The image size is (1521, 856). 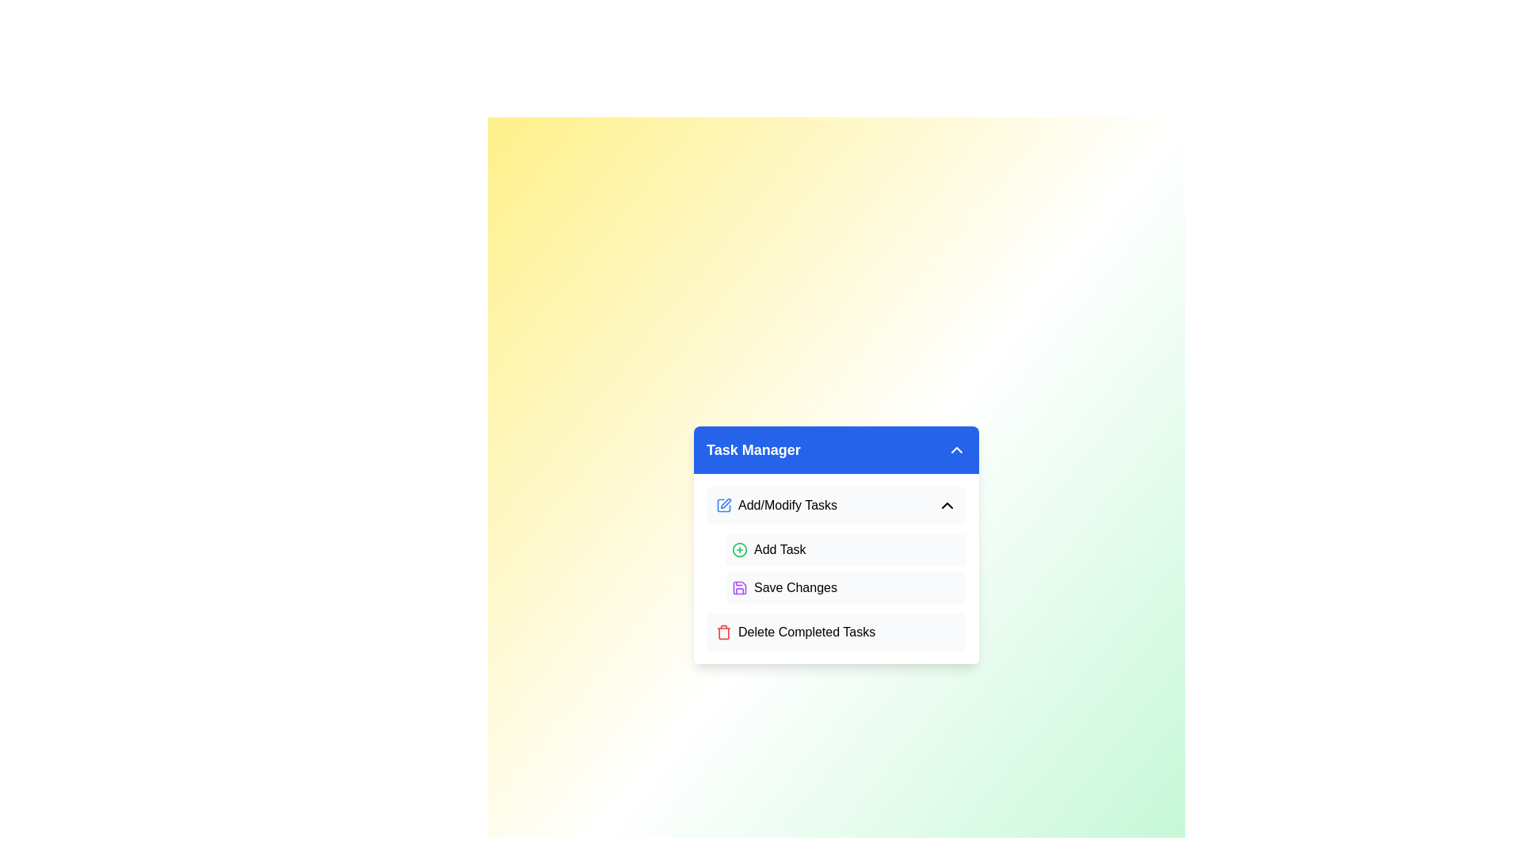 I want to click on the arrow icon button that toggles collapse/expand for the 'Add/Modify Tasks' section, located to the right of the section label, so click(x=947, y=505).